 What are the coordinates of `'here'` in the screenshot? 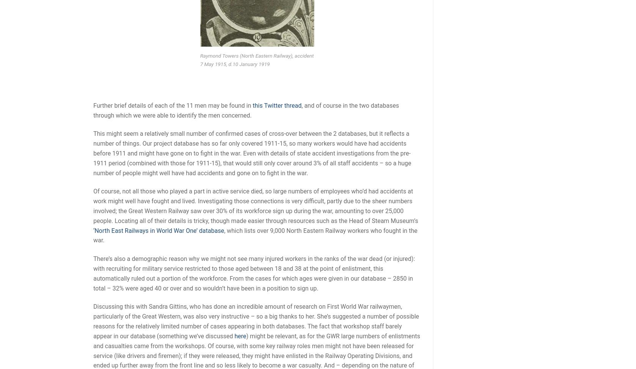 It's located at (240, 336).